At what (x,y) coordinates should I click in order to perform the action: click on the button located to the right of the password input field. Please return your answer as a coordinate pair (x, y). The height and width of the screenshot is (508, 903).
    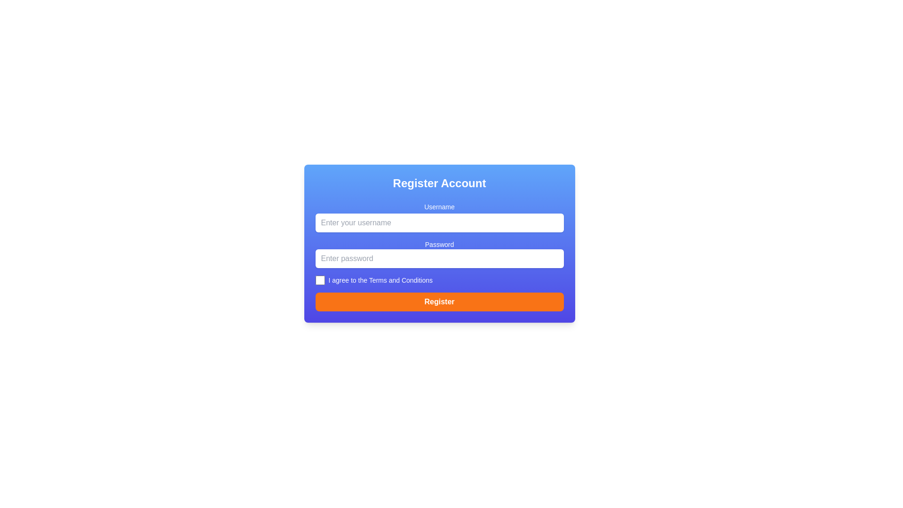
    Looking at the image, I should click on (555, 259).